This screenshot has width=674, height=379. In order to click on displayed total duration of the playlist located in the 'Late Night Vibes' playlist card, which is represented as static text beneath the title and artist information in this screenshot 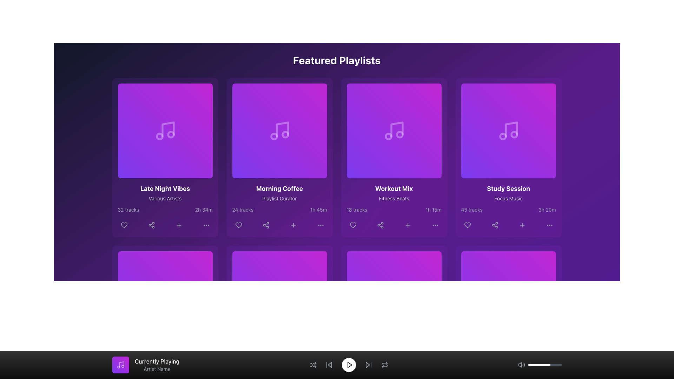, I will do `click(203, 209)`.